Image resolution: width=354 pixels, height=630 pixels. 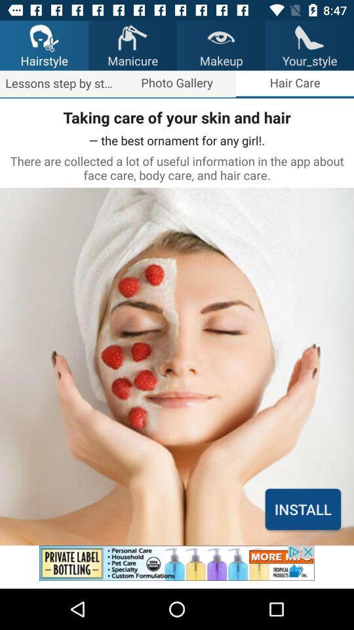 What do you see at coordinates (177, 566) in the screenshot?
I see `advertisement` at bounding box center [177, 566].